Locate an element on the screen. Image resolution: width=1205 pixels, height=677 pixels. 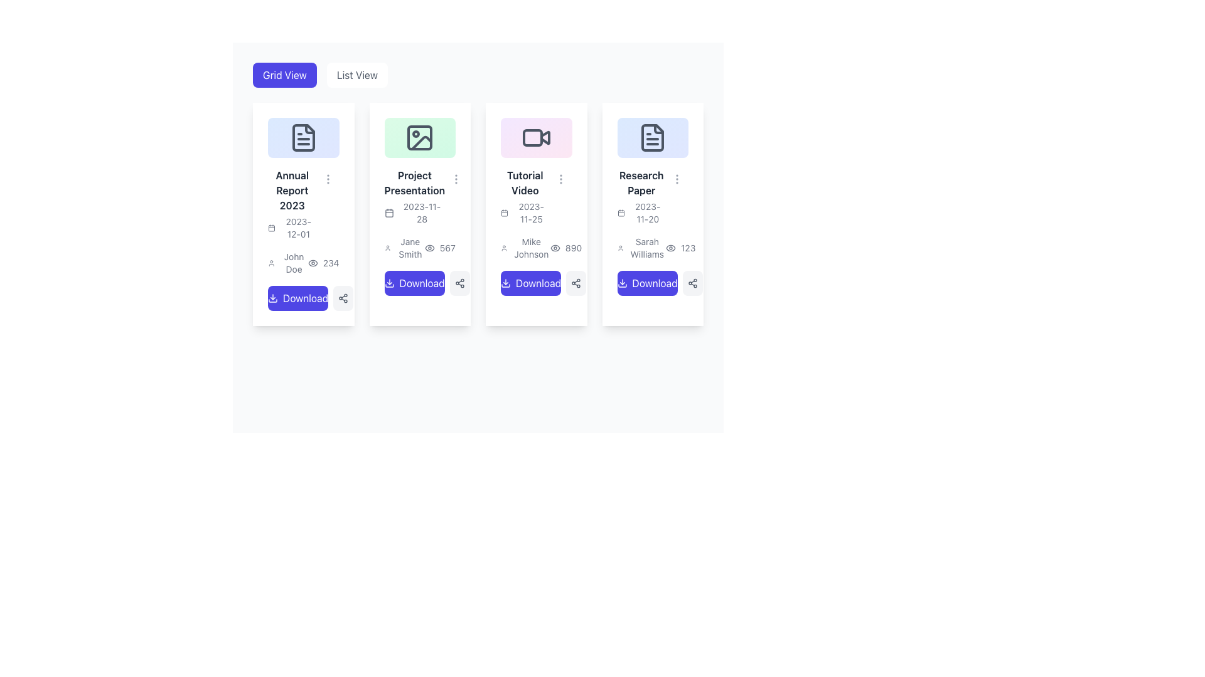
the text block that provides the title and associated date of the content in the second panel of a horizontally aligned grid layout is located at coordinates (420, 196).